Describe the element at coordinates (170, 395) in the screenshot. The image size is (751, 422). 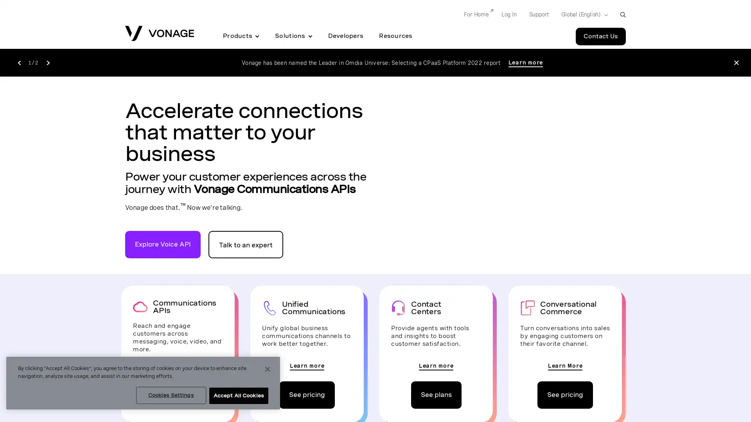
I see `Cookies Settings` at that location.